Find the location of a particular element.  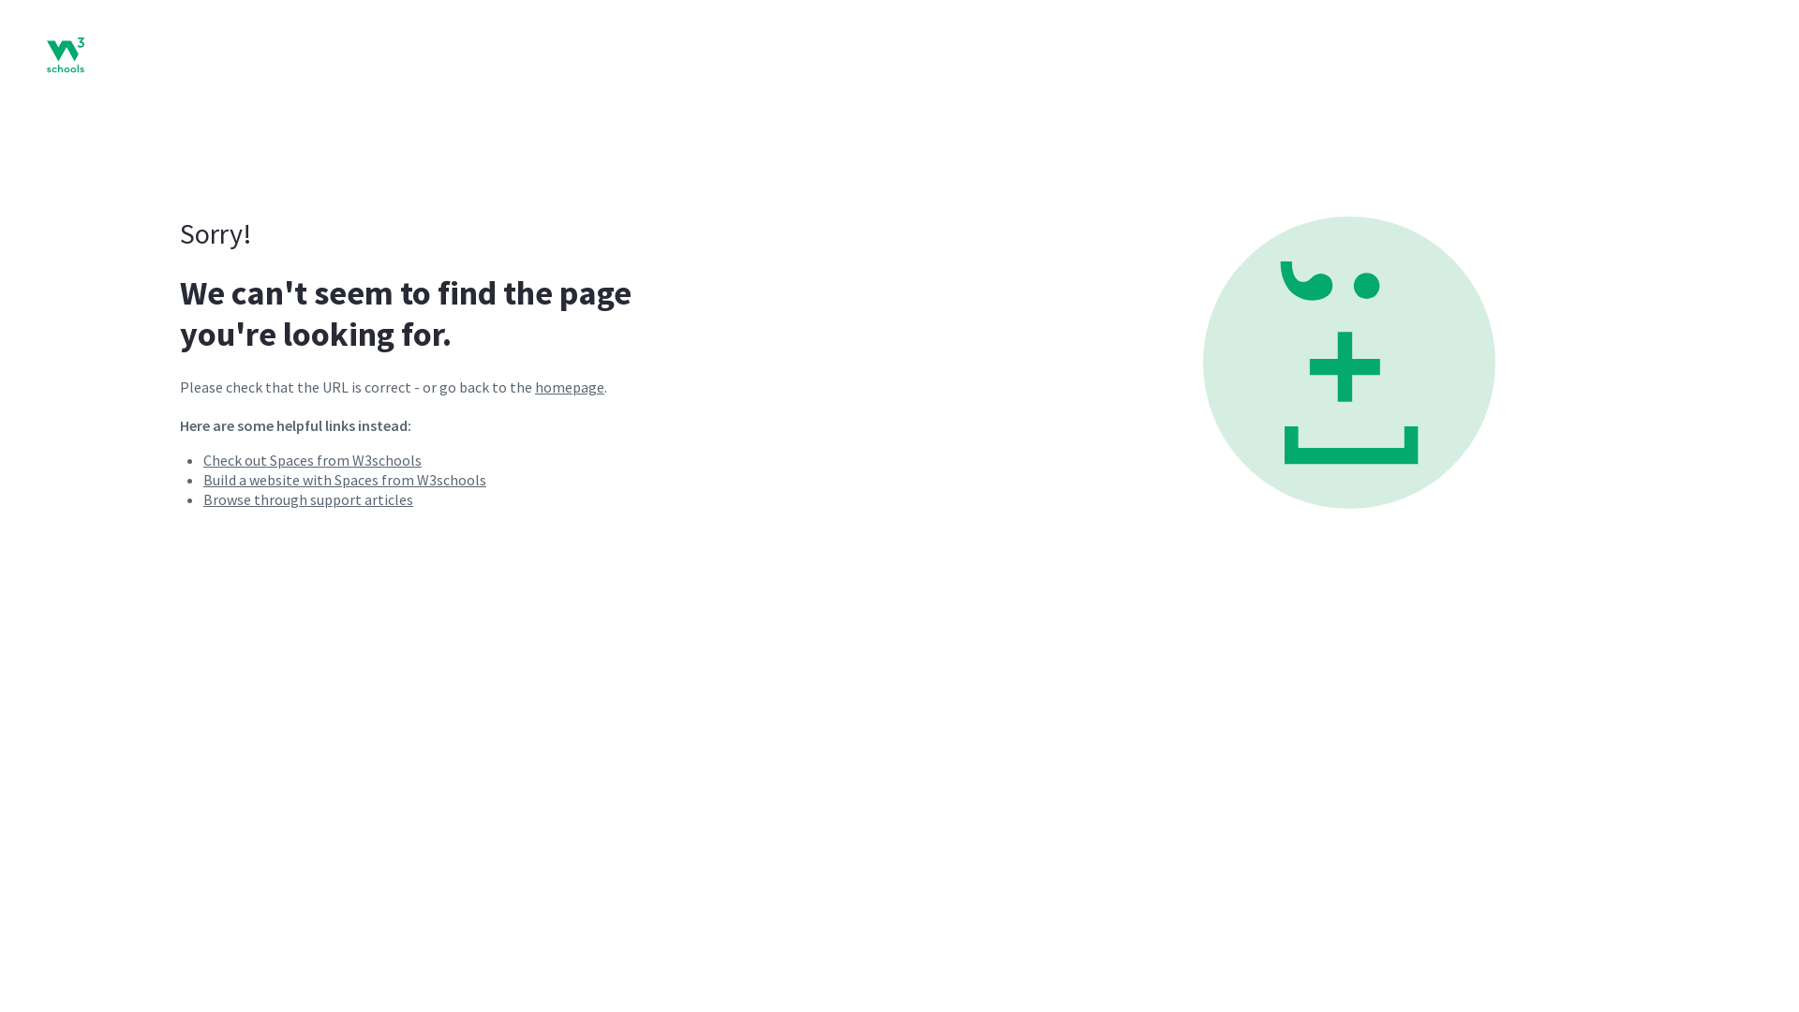

'Check out Spaces from W3schools' is located at coordinates (202, 459).